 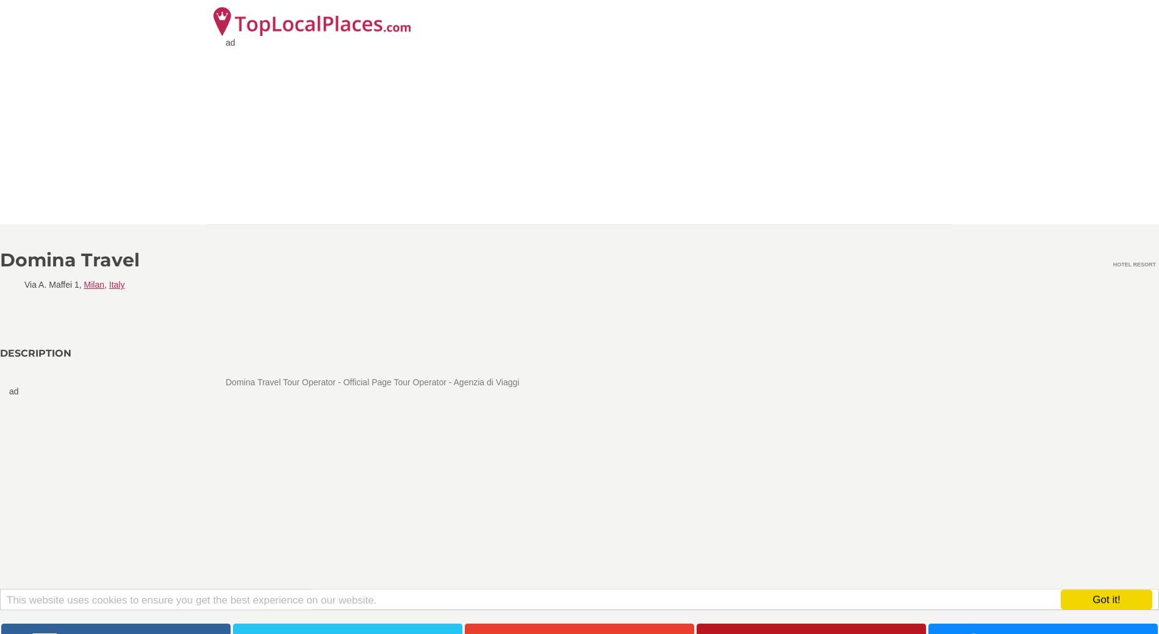 What do you see at coordinates (1133, 264) in the screenshot?
I see `'Hotel Resort'` at bounding box center [1133, 264].